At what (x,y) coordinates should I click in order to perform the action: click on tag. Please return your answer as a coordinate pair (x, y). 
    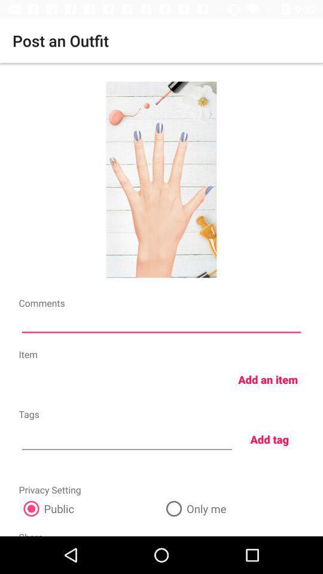
    Looking at the image, I should click on (126, 438).